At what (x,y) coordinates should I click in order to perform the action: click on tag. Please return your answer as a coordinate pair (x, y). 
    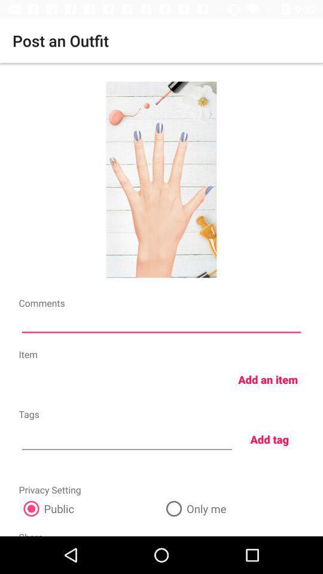
    Looking at the image, I should click on (126, 438).